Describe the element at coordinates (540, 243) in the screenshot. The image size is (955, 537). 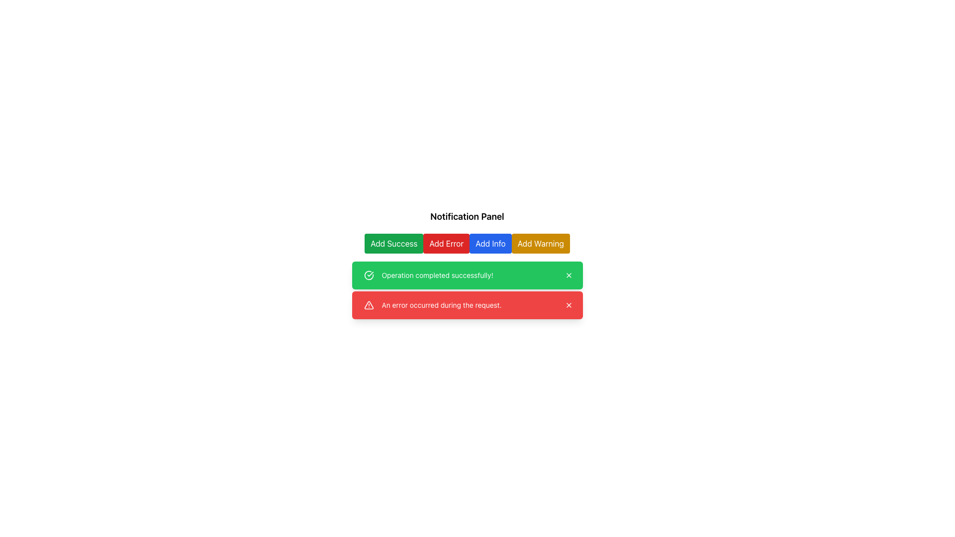
I see `the 'Add Warning' button, which is a rectangular button with a yellow-orange background and white text, located in the Notification Panel` at that location.